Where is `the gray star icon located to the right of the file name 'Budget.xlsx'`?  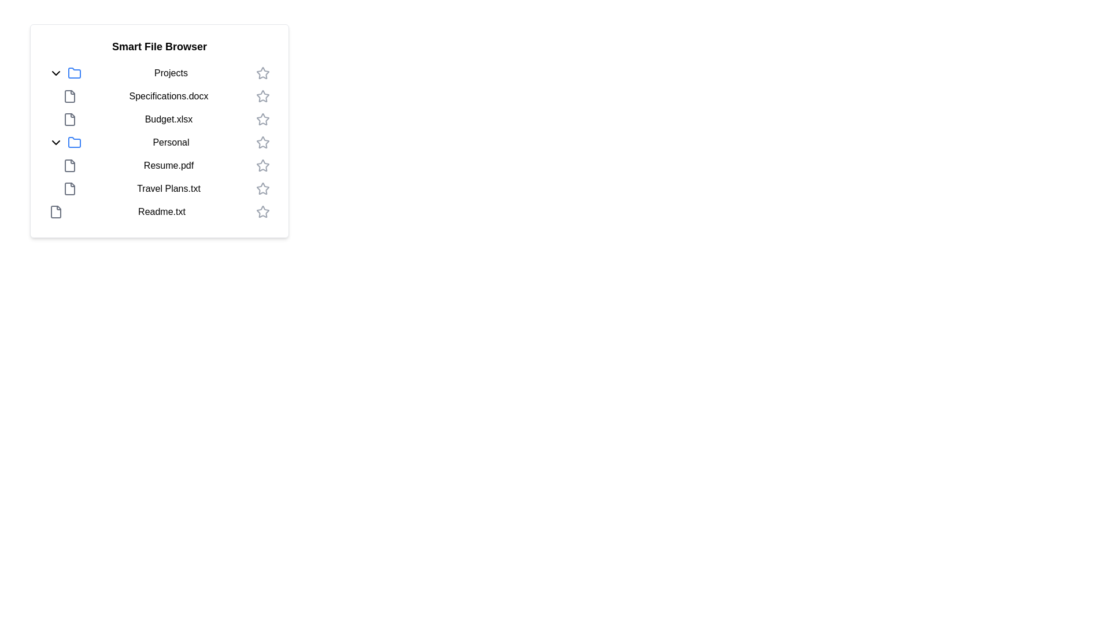 the gray star icon located to the right of the file name 'Budget.xlsx' is located at coordinates (262, 119).